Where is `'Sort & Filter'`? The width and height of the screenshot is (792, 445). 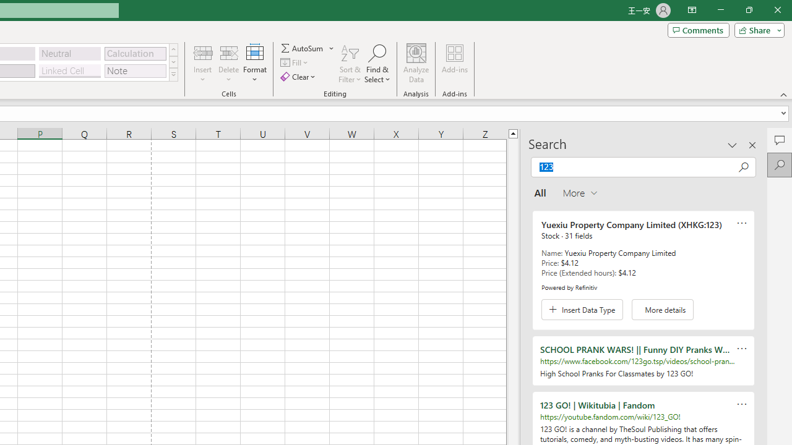
'Sort & Filter' is located at coordinates (350, 64).